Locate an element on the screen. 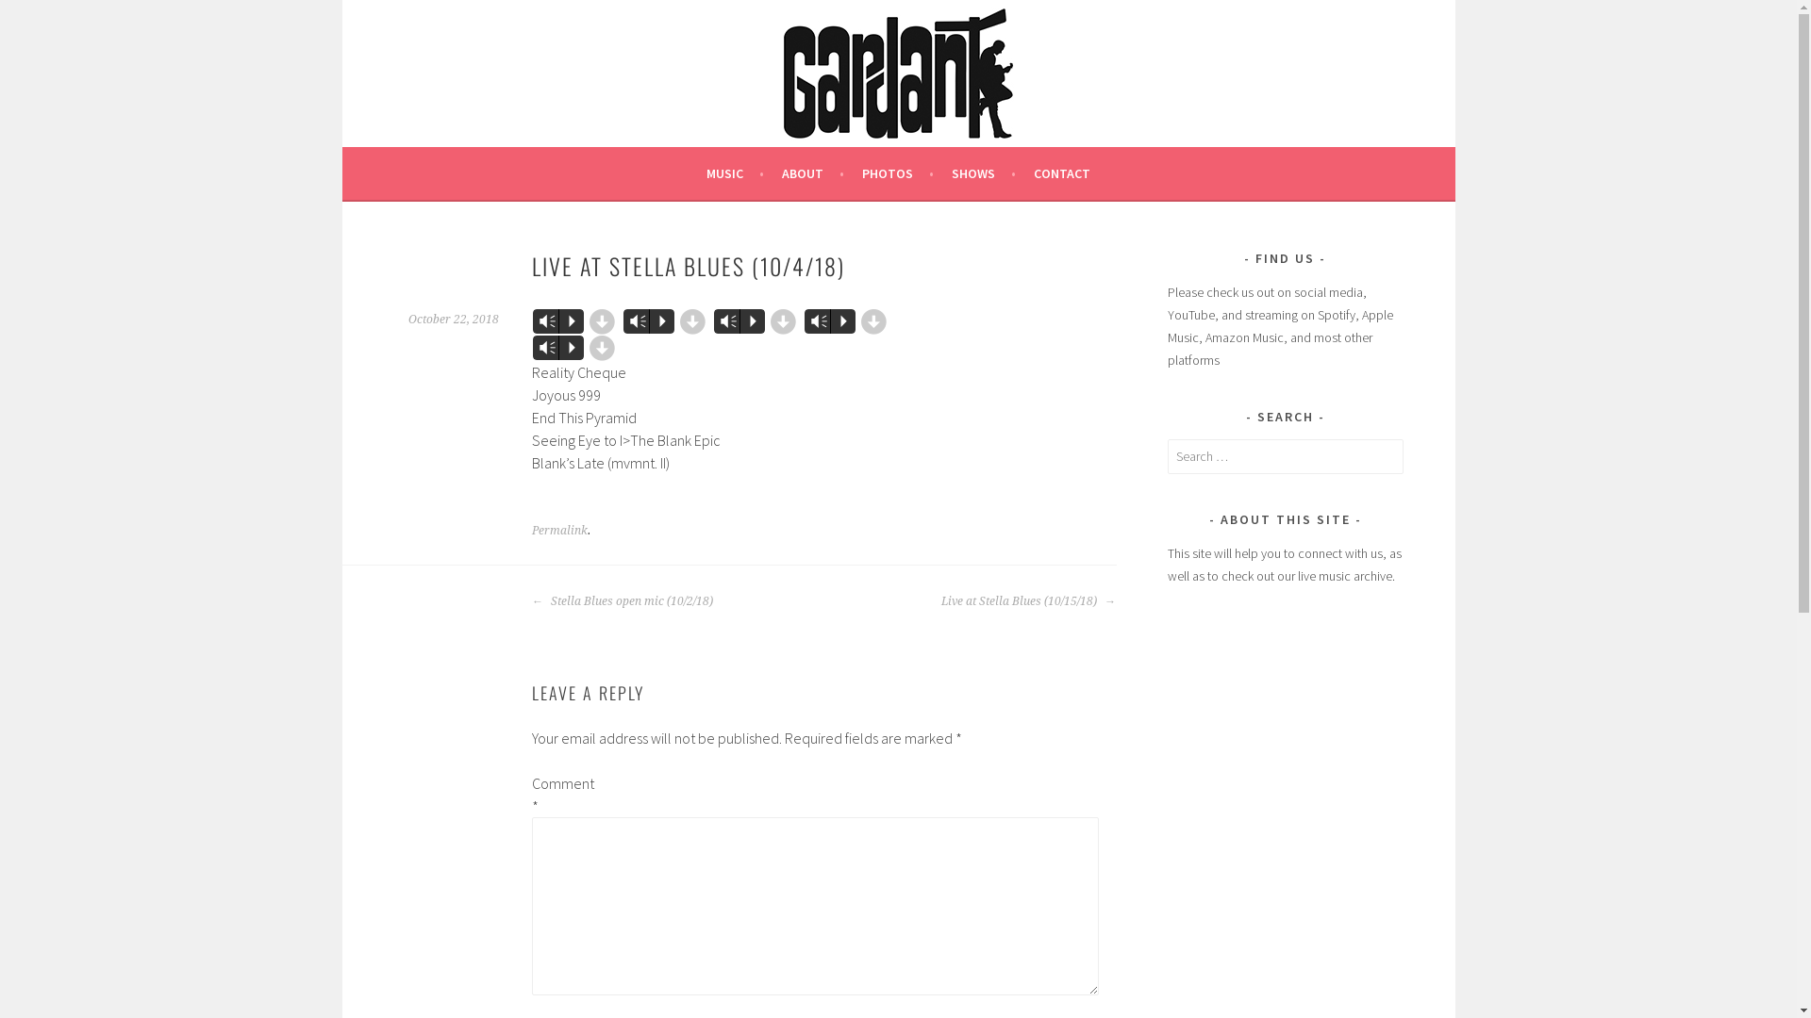 The width and height of the screenshot is (1811, 1018). 'ABOUT' is located at coordinates (782, 173).